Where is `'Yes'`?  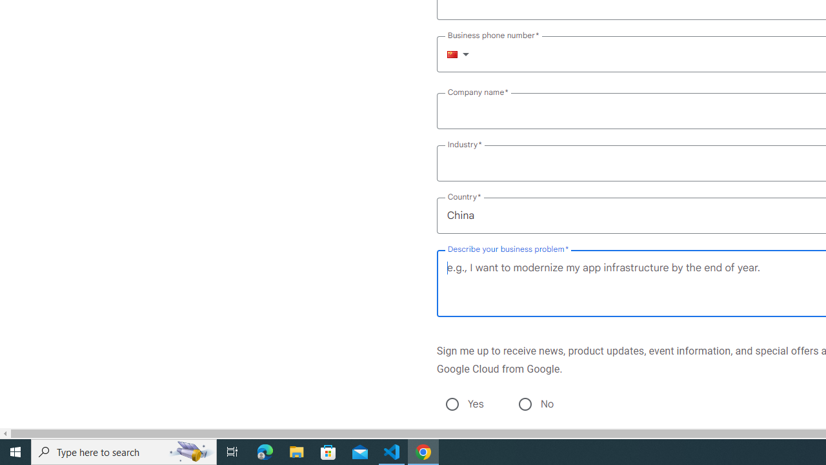
'Yes' is located at coordinates (452, 404).